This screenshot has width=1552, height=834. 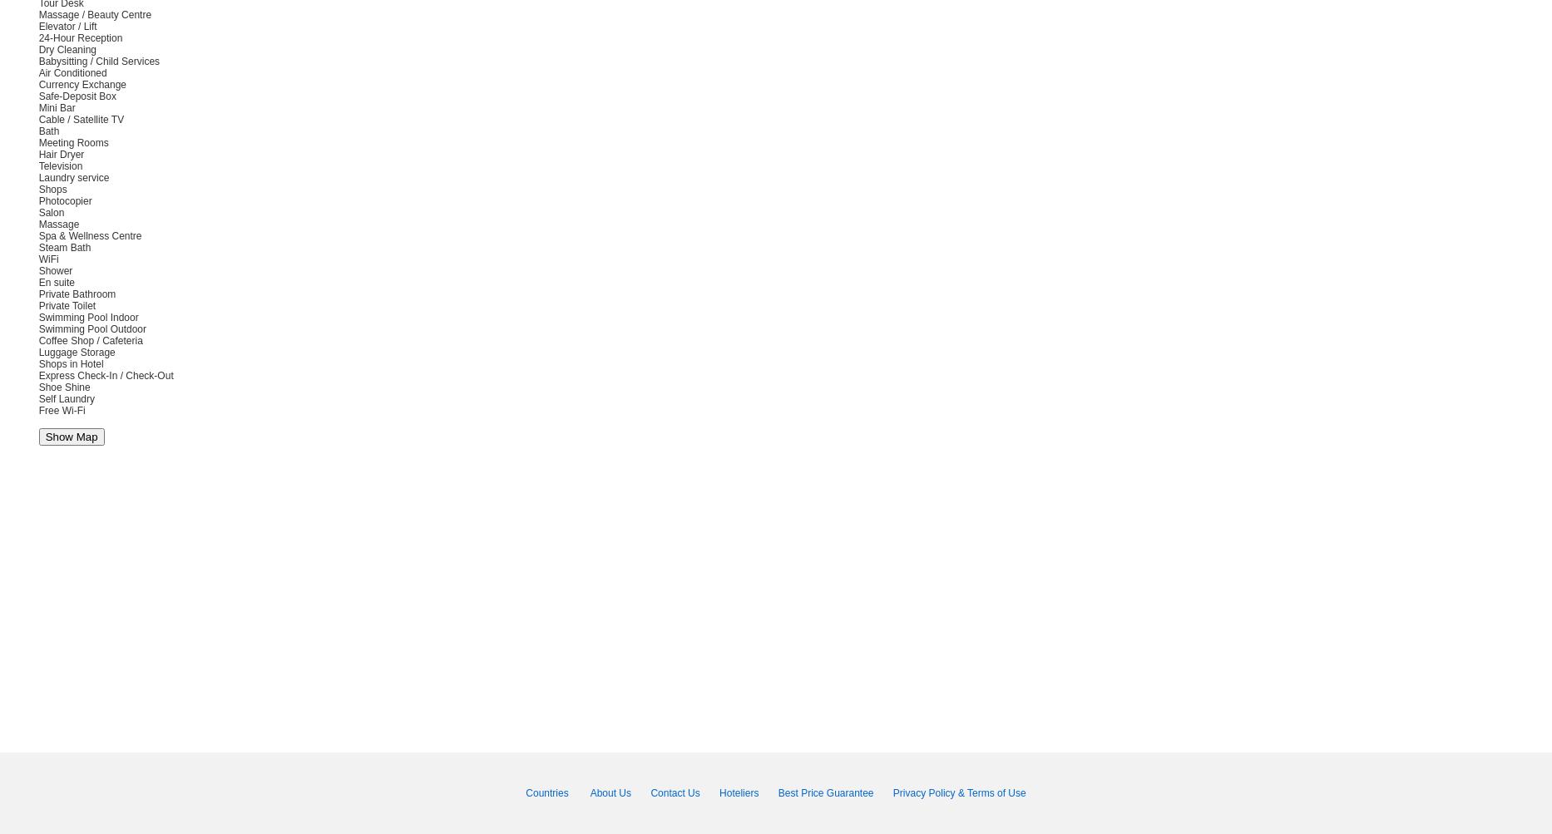 I want to click on 'Dry Cleaning', so click(x=67, y=49).